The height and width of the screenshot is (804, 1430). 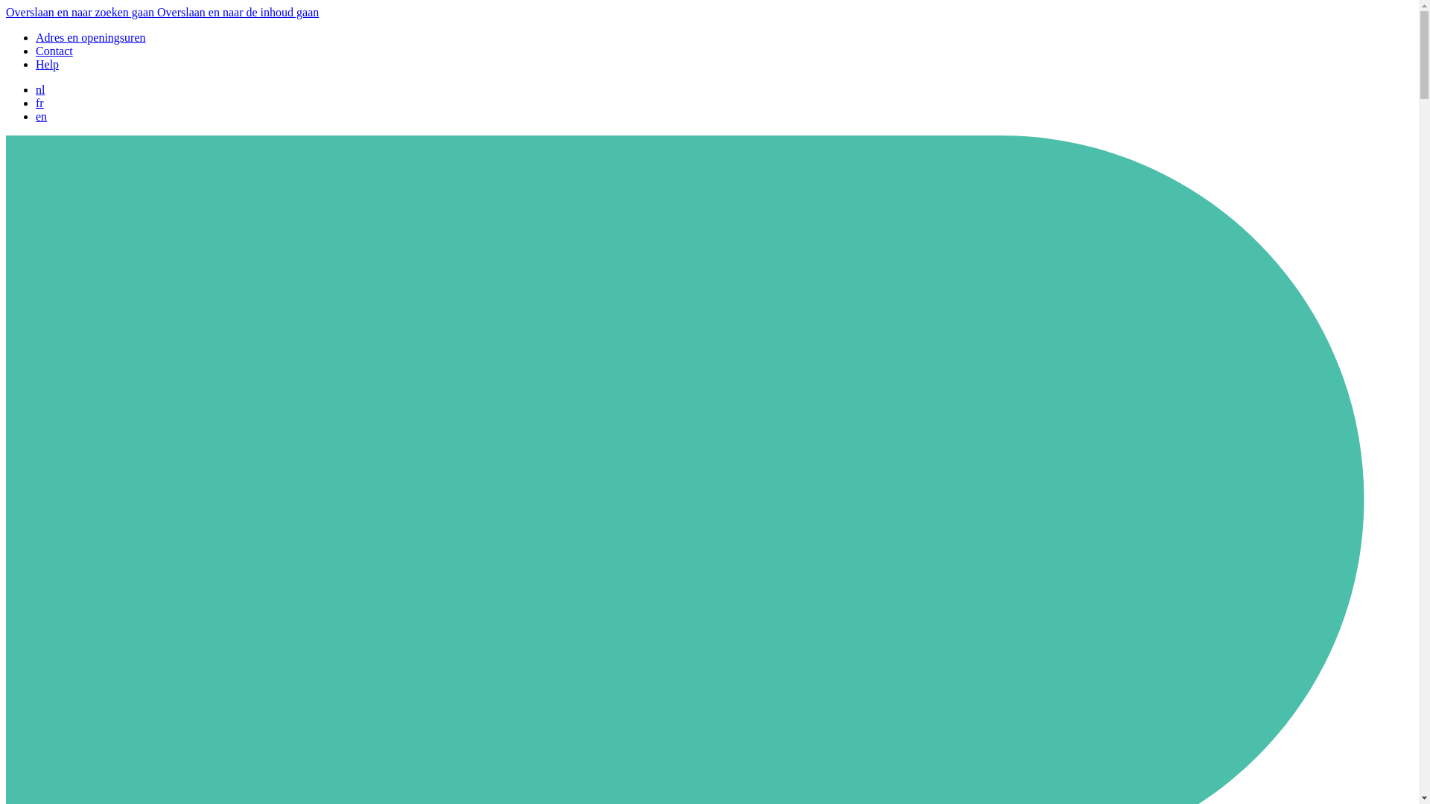 What do you see at coordinates (36, 102) in the screenshot?
I see `'fr'` at bounding box center [36, 102].